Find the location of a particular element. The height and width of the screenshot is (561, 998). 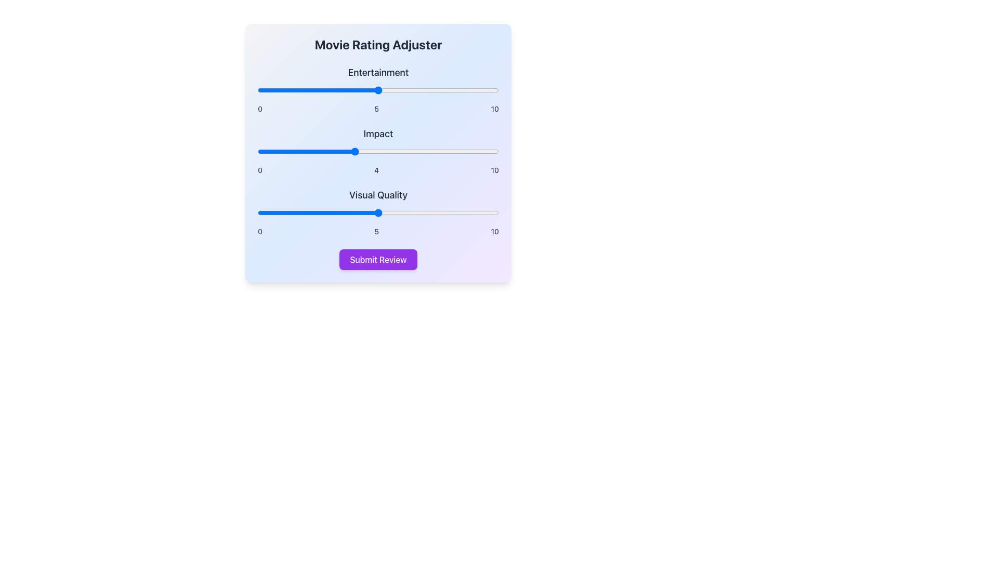

Visual Quality is located at coordinates (378, 212).